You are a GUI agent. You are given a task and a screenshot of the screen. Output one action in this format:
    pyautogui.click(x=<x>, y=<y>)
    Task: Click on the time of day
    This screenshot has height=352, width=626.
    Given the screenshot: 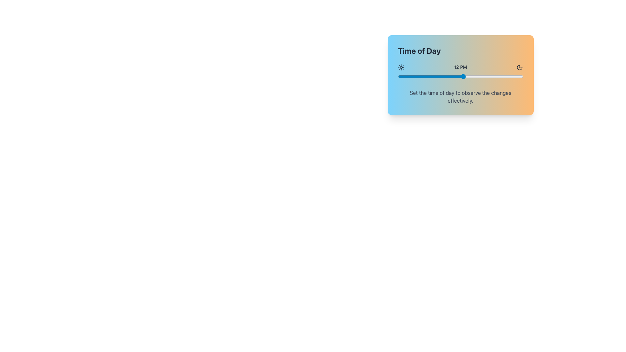 What is the action you would take?
    pyautogui.click(x=468, y=76)
    